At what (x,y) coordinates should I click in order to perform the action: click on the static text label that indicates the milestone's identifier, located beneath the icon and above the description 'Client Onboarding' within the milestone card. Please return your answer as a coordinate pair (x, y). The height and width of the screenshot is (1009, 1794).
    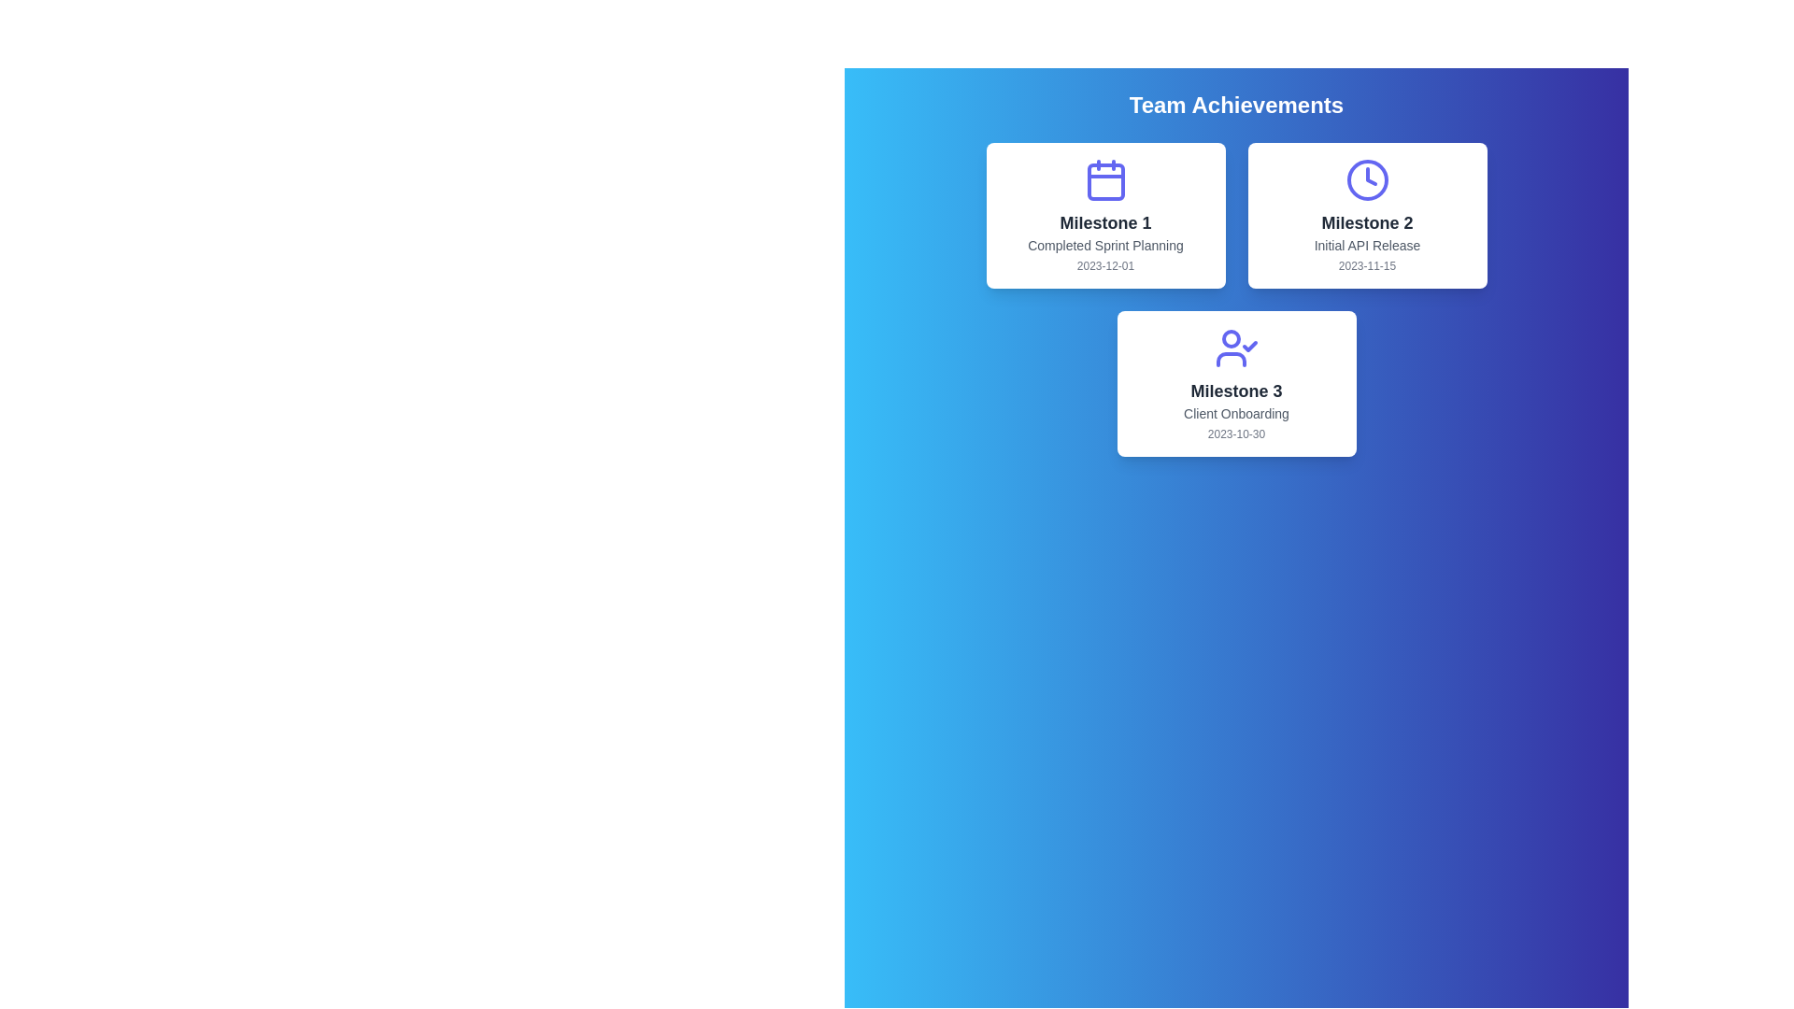
    Looking at the image, I should click on (1236, 391).